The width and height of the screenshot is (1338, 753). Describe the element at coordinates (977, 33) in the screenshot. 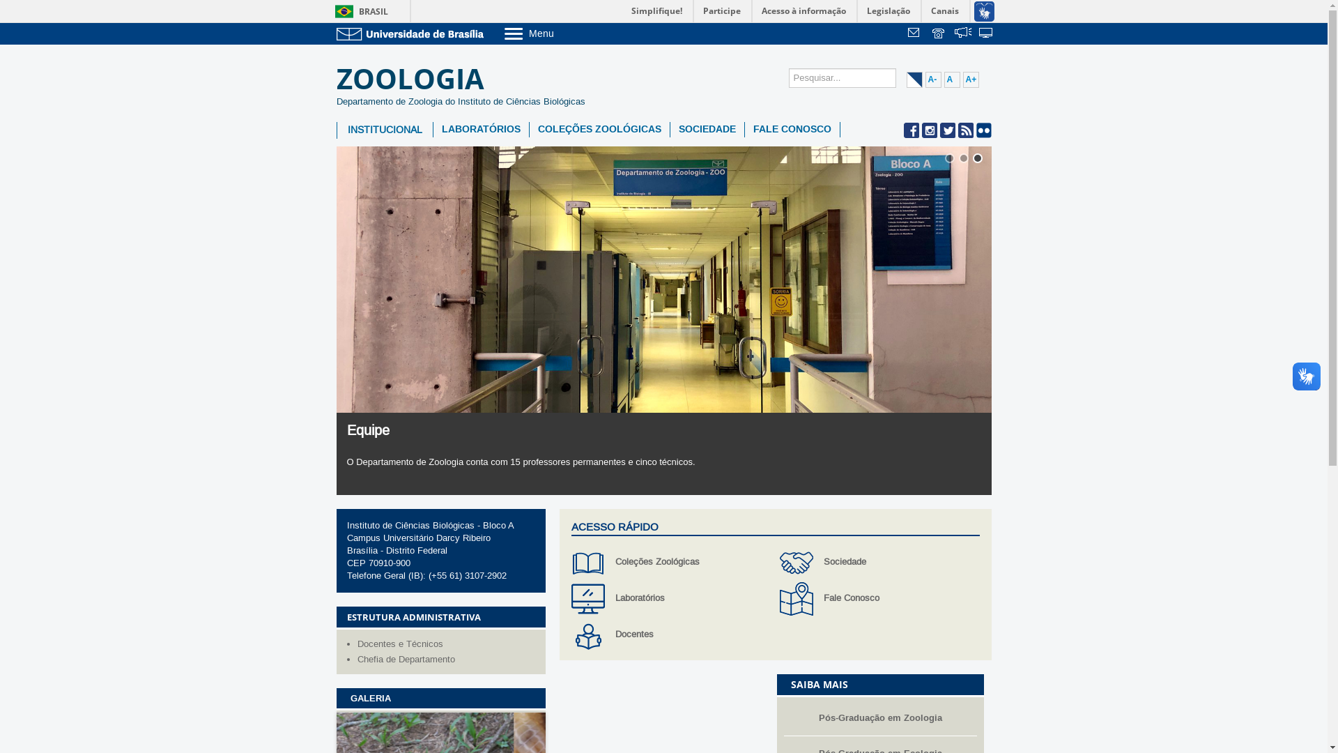

I see `'Sistemas'` at that location.